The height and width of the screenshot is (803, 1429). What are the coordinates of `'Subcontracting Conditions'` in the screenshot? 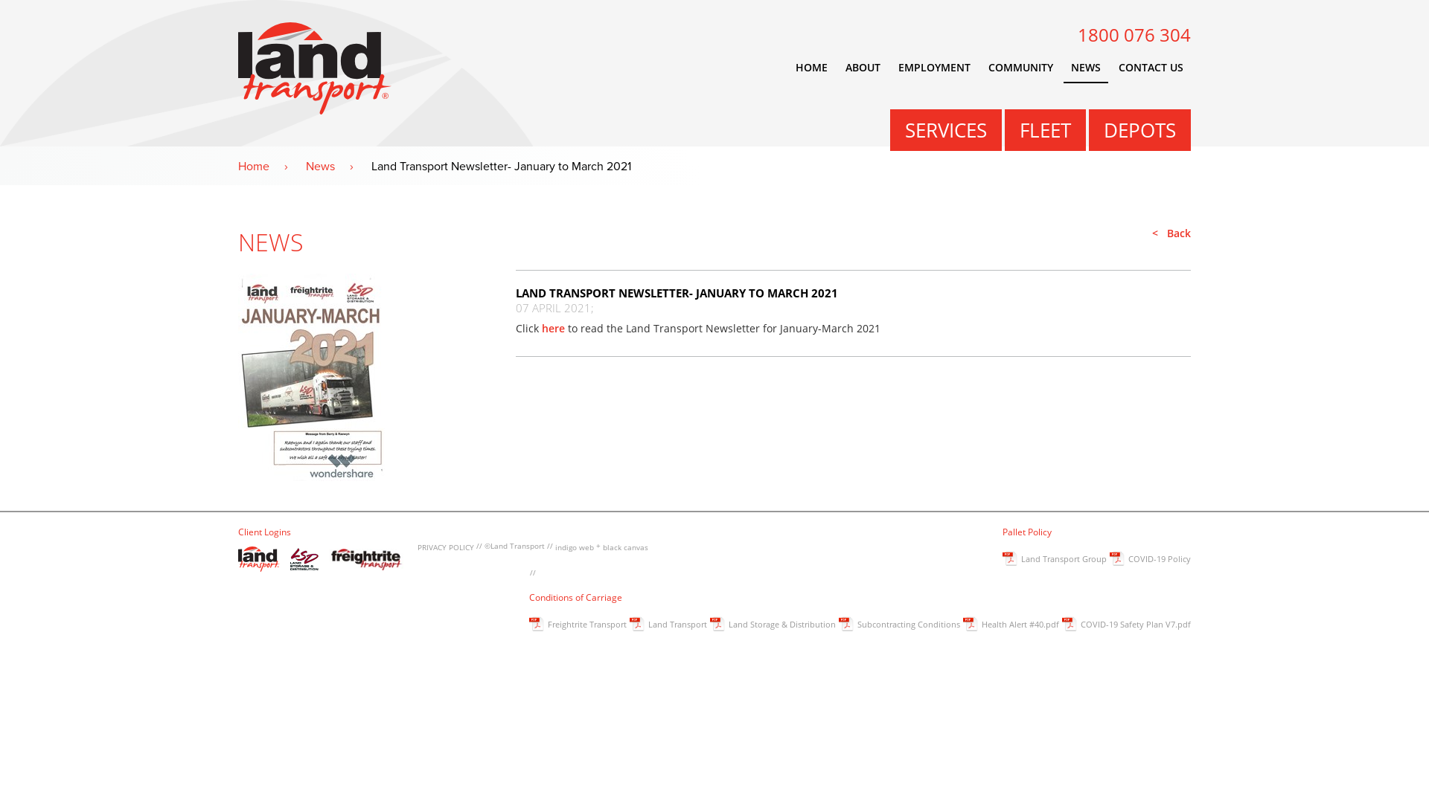 It's located at (898, 625).